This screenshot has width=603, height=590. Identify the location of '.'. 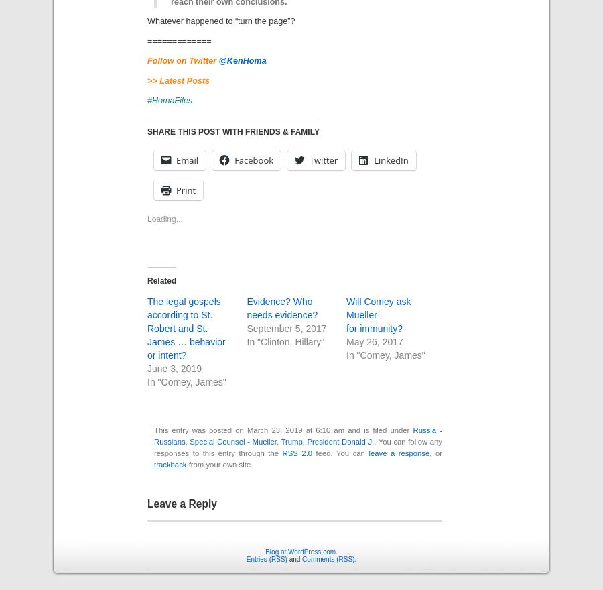
(354, 558).